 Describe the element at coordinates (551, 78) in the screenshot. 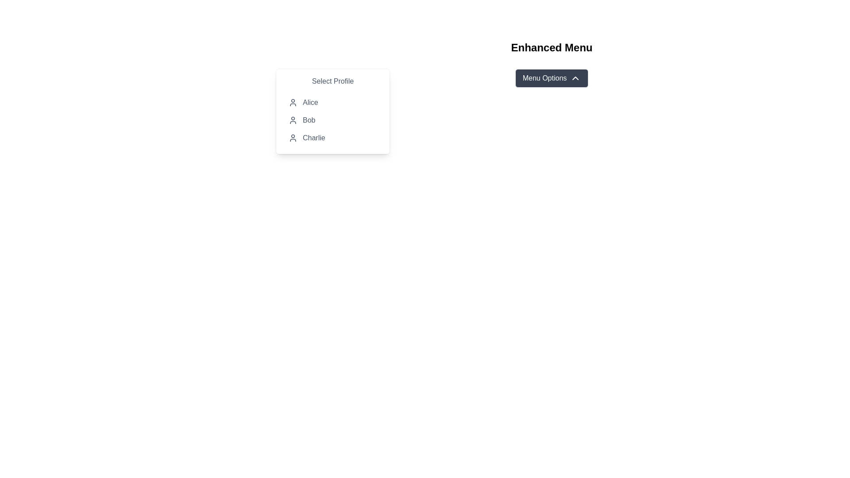

I see `the 'Menu Options' button, which is a rectangular button with rounded corners, dark gray background, white text, and an upward-pointing chevron icon` at that location.